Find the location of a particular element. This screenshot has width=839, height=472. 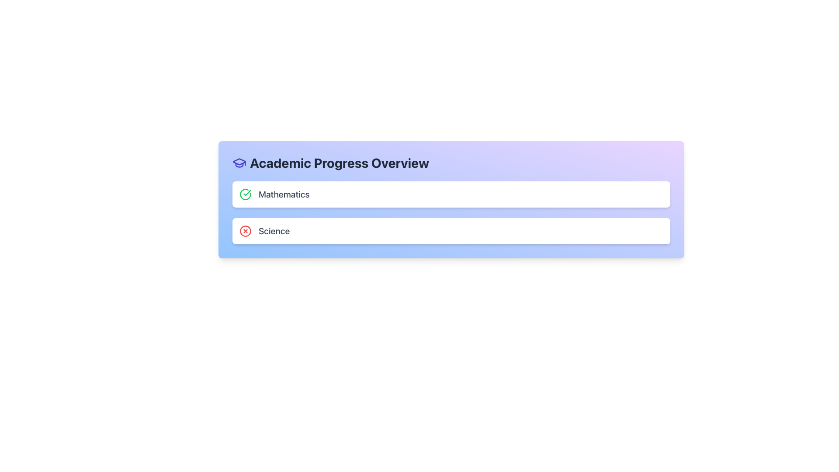

the 'Science' label with a status icon indicating failure, located in the second row under 'Academic Progress Overview' is located at coordinates (264, 230).